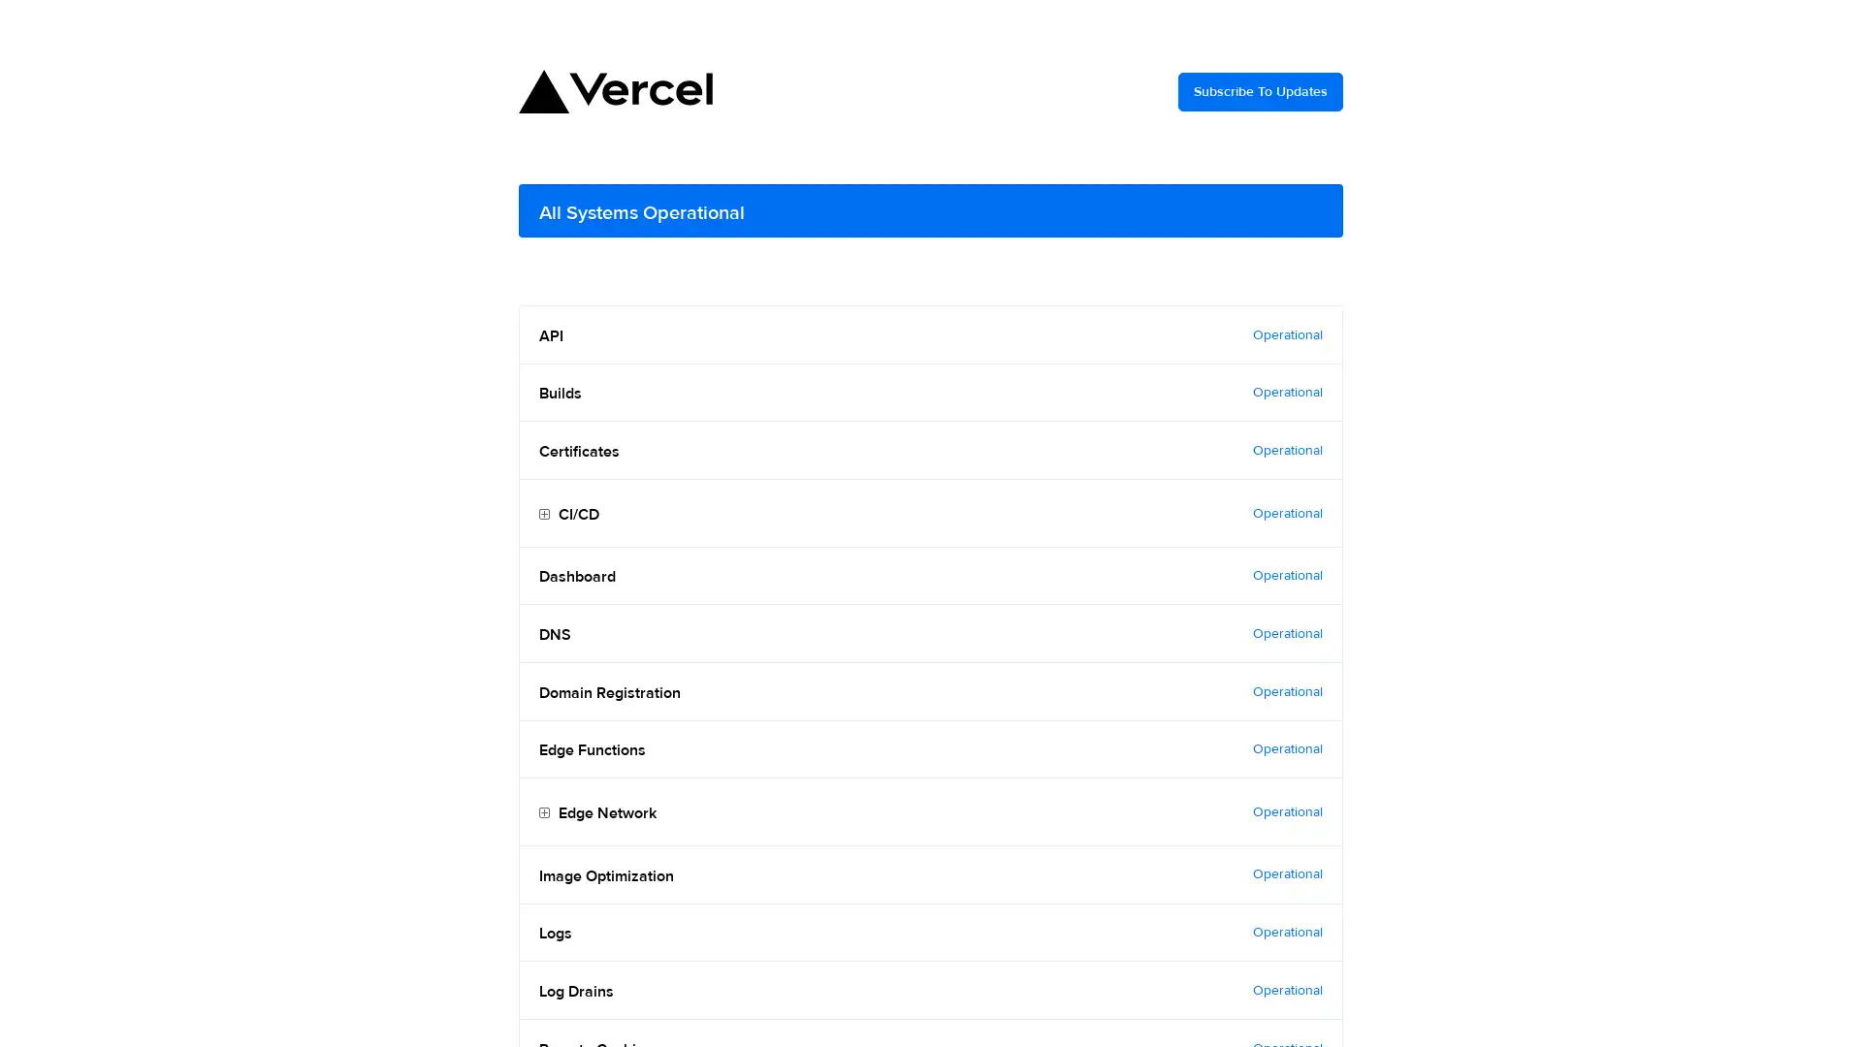  I want to click on Toggle Edge Network, so click(543, 813).